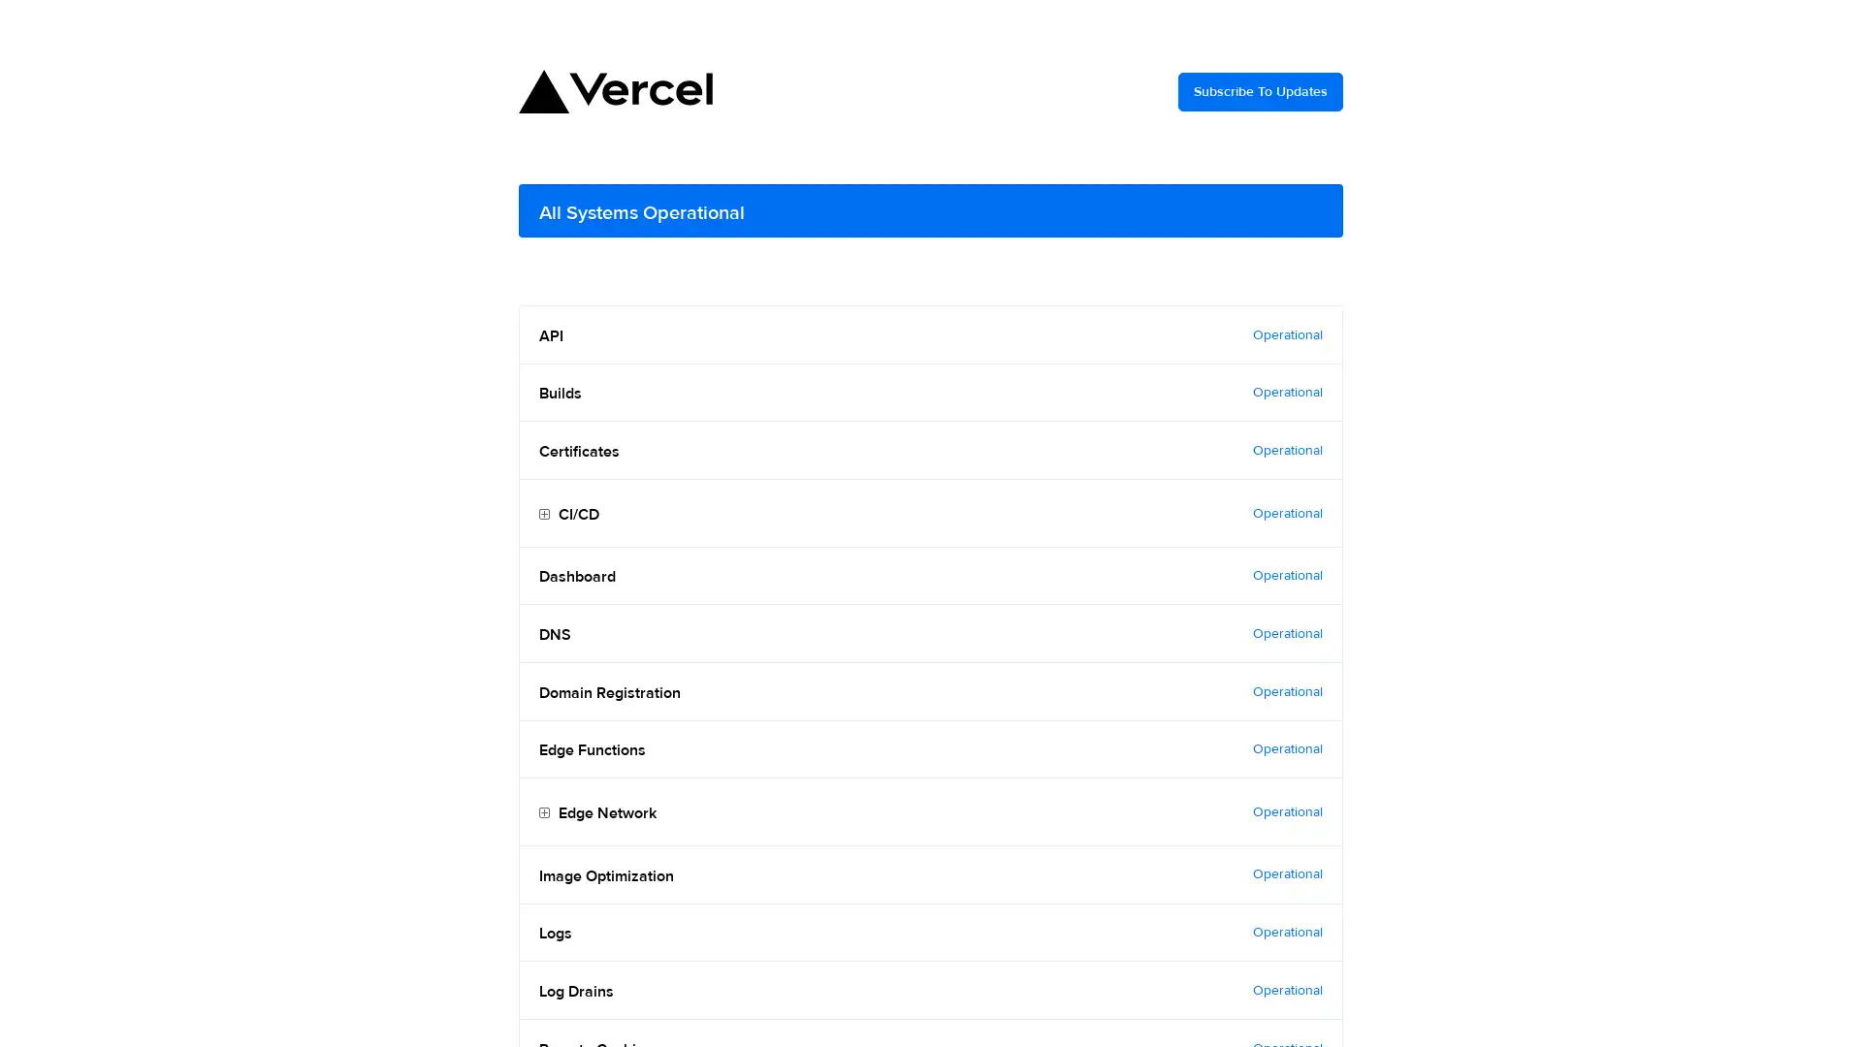  I want to click on Toggle Edge Network, so click(543, 813).